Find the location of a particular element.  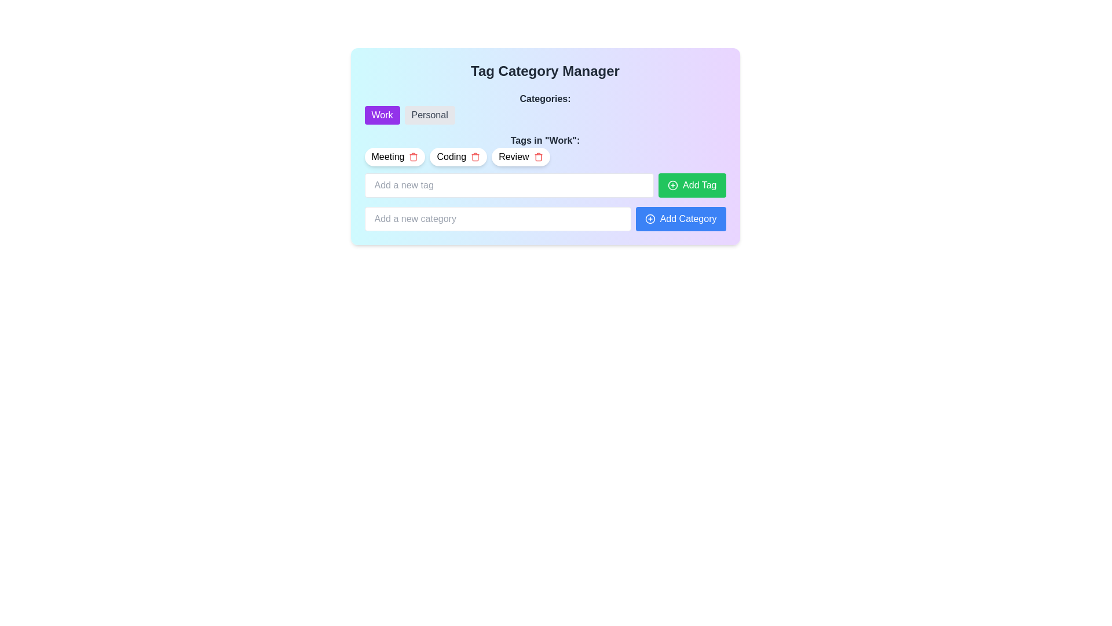

the delete icon represented by a trash can within the toolbar for tags in the 'Tags in Work' section is located at coordinates (537, 158).